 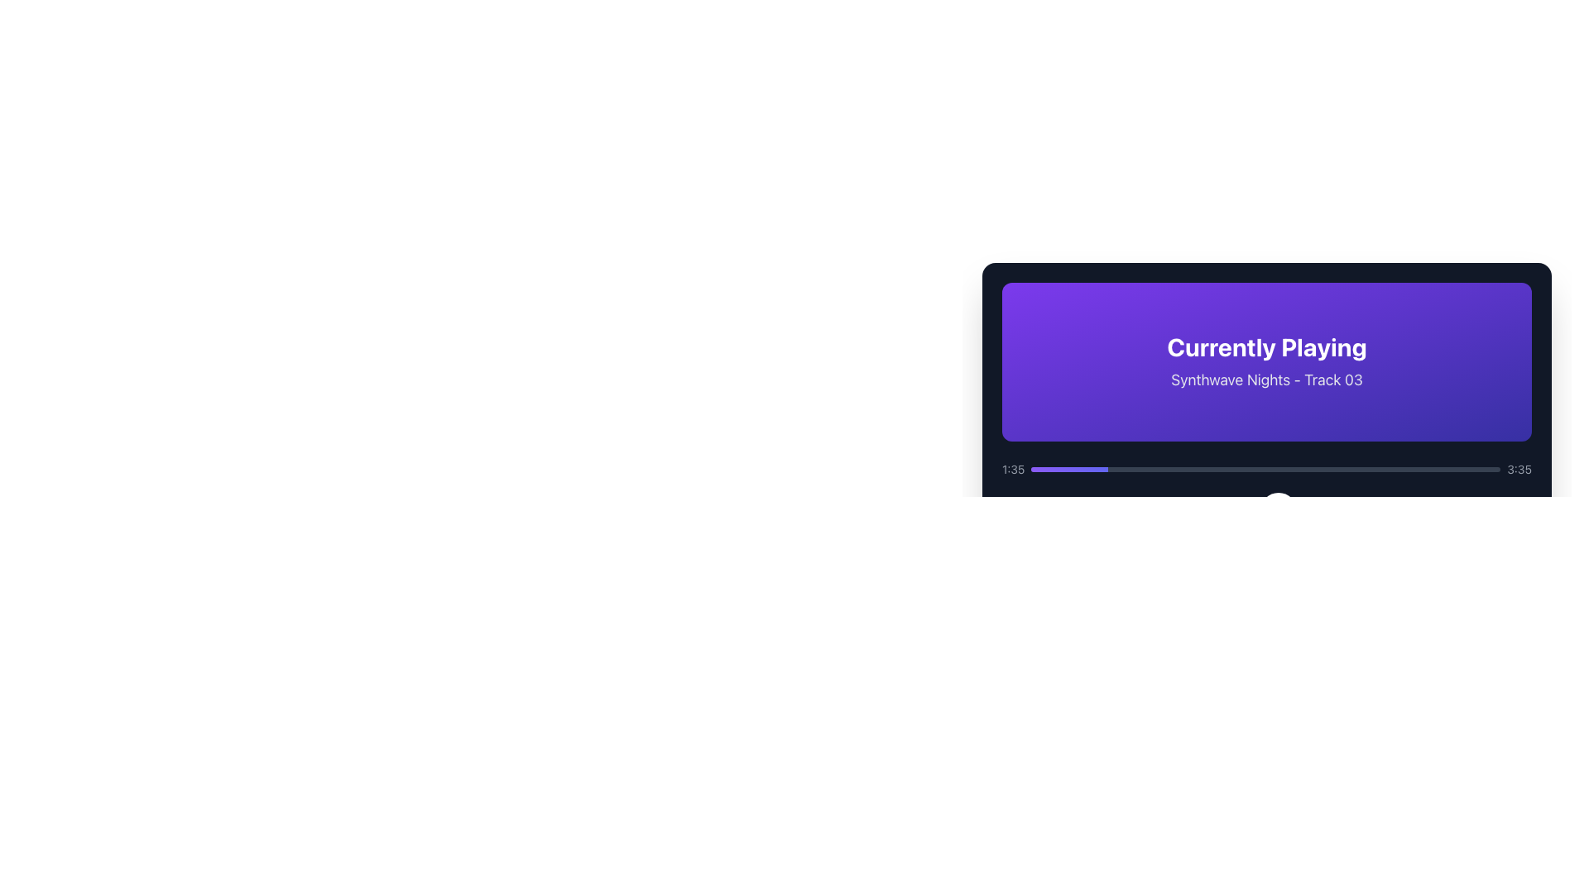 What do you see at coordinates (1266, 380) in the screenshot?
I see `the text element displaying 'Synthwave Nights - Track 03' which is styled in a medium light gray font on a purple background, located directly below the heading 'Currently Playing'` at bounding box center [1266, 380].